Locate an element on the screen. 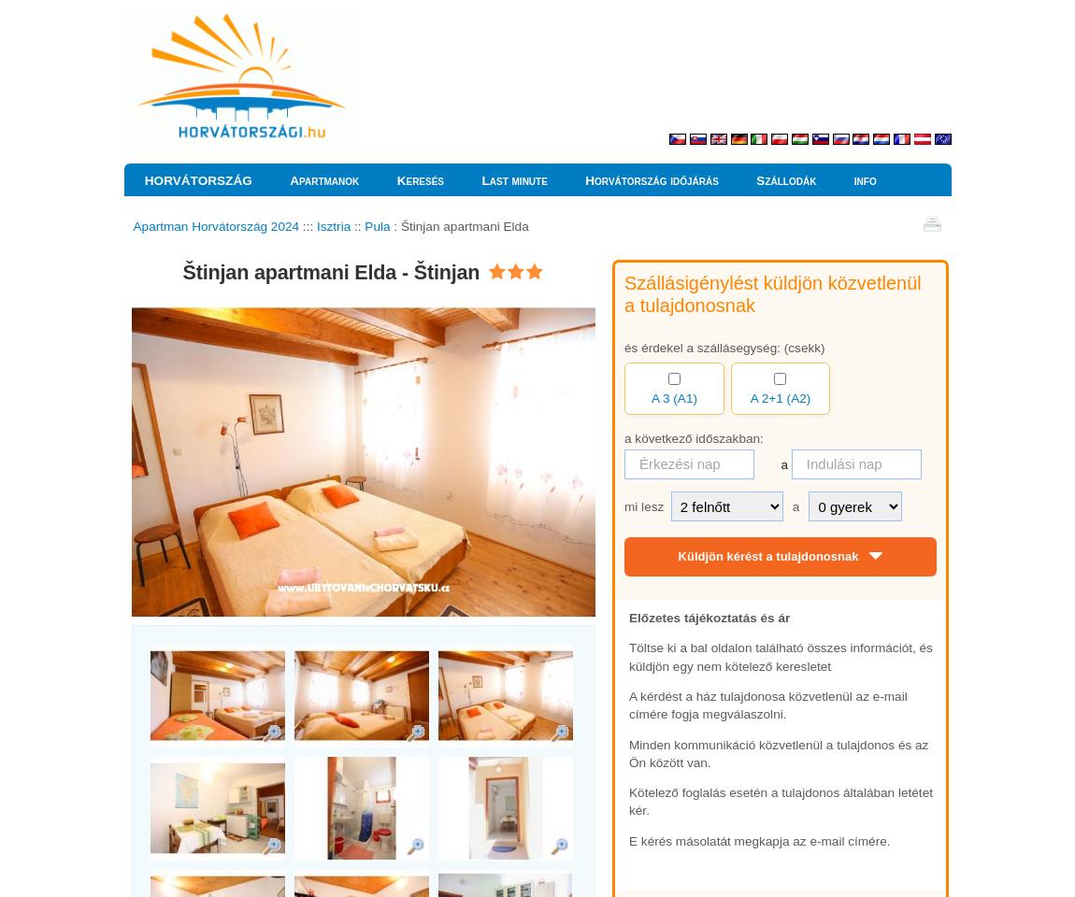  ':::' is located at coordinates (308, 224).